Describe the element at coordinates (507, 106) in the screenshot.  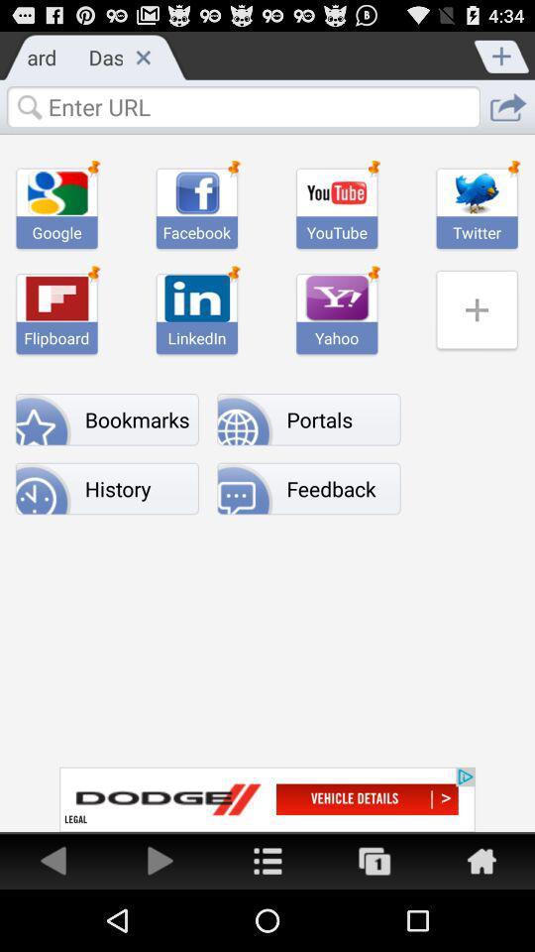
I see `url` at that location.